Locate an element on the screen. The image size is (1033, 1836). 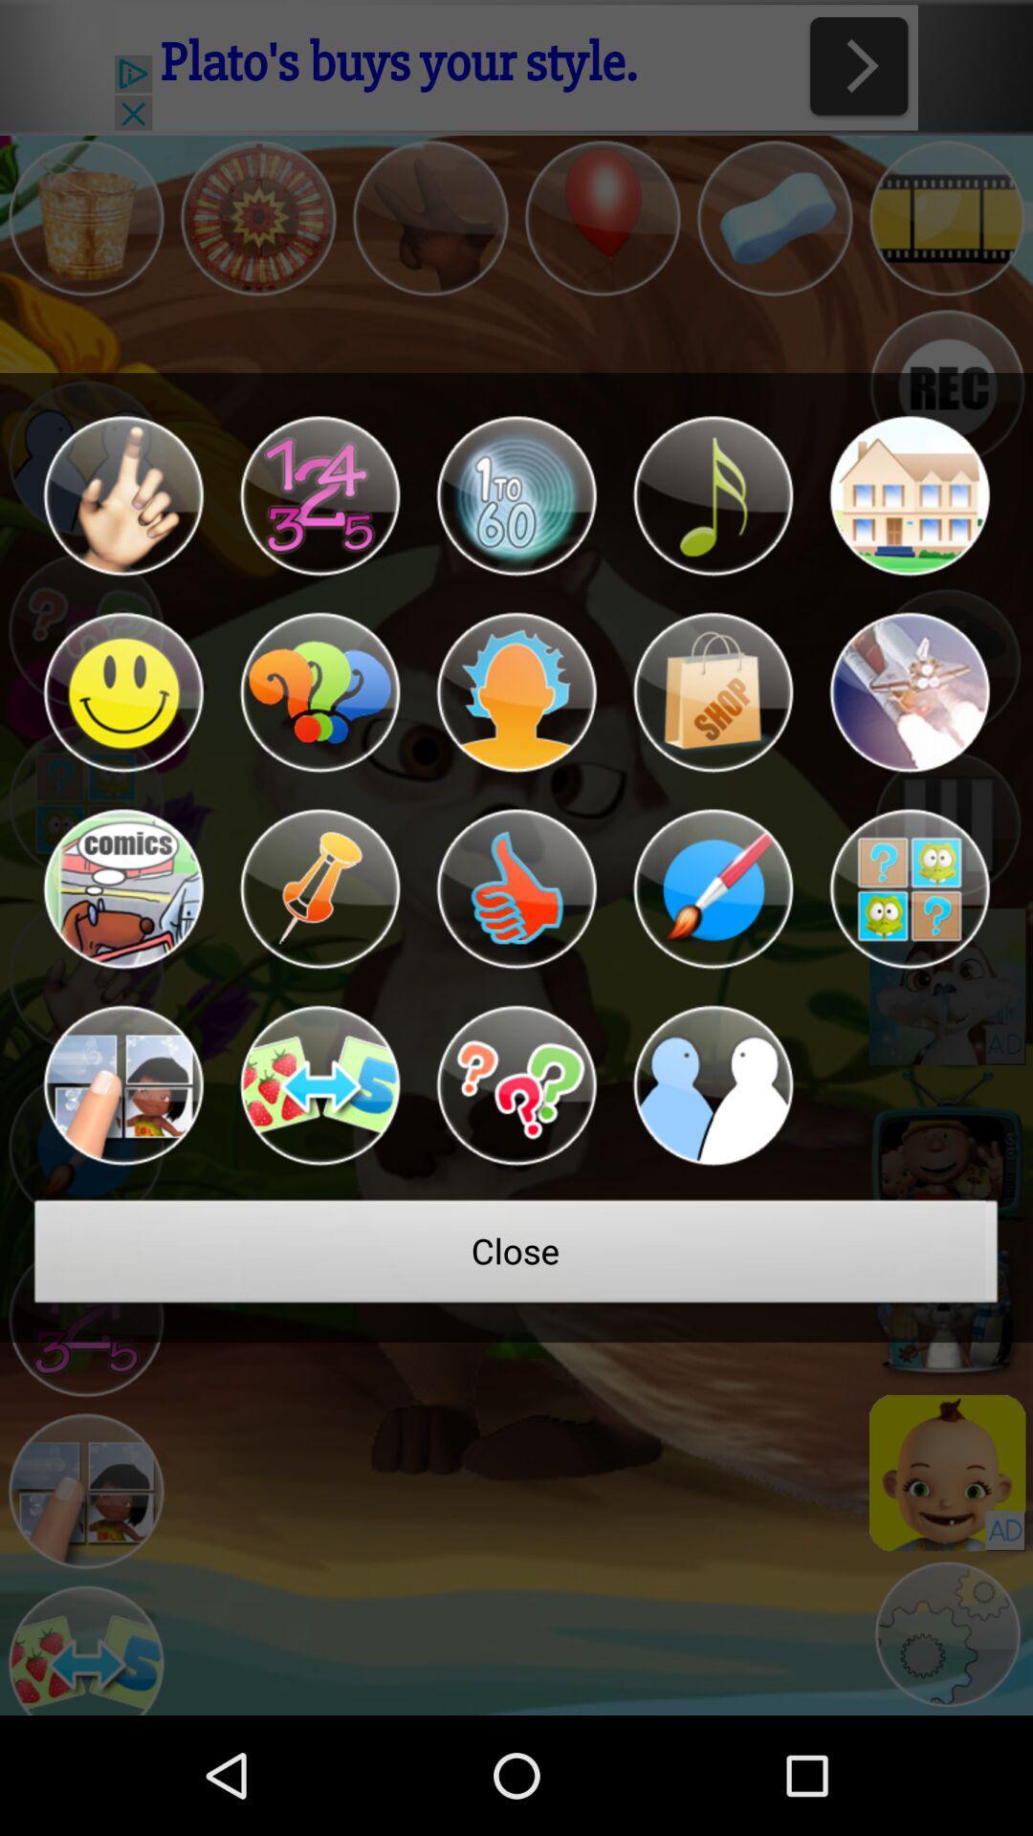
icon is located at coordinates (122, 888).